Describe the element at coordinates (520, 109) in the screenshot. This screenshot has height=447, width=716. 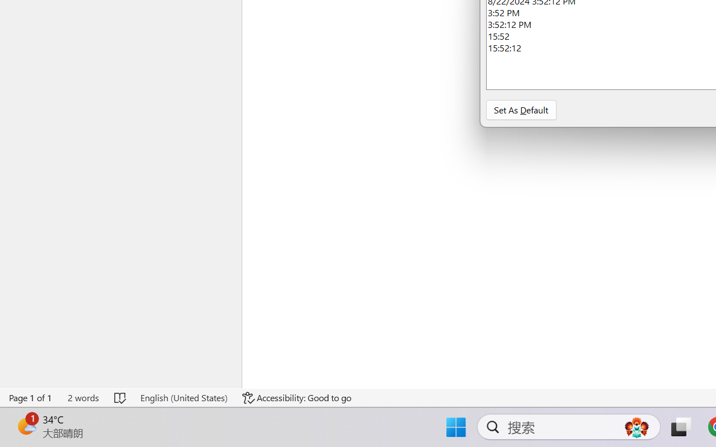
I see `'Set As Default'` at that location.